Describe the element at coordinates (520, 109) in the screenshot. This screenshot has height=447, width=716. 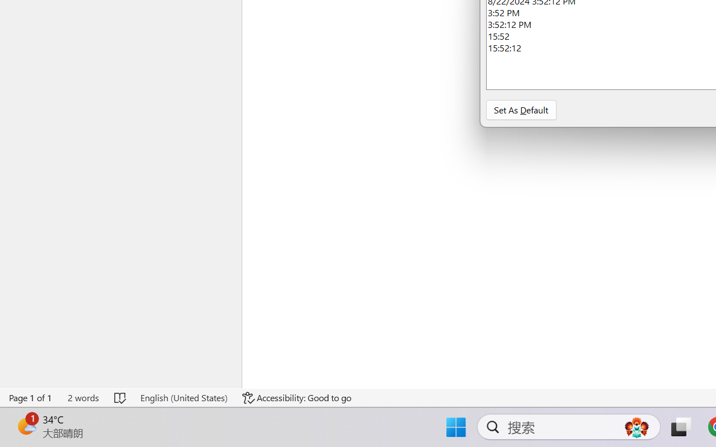
I see `'Set As Default'` at that location.